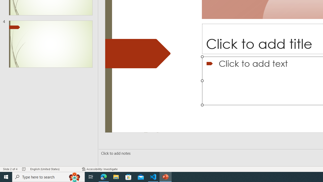 This screenshot has width=323, height=182. What do you see at coordinates (138, 54) in the screenshot?
I see `'Decorative Locked'` at bounding box center [138, 54].